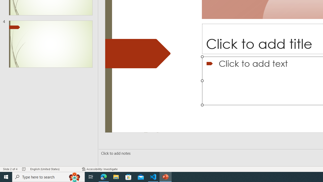 This screenshot has width=323, height=182. What do you see at coordinates (138, 54) in the screenshot?
I see `'Decorative Locked'` at bounding box center [138, 54].